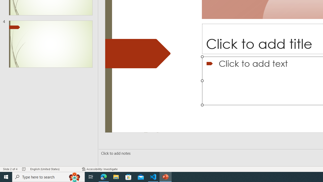 This screenshot has width=323, height=182. What do you see at coordinates (138, 54) in the screenshot?
I see `'Decorative Locked'` at bounding box center [138, 54].